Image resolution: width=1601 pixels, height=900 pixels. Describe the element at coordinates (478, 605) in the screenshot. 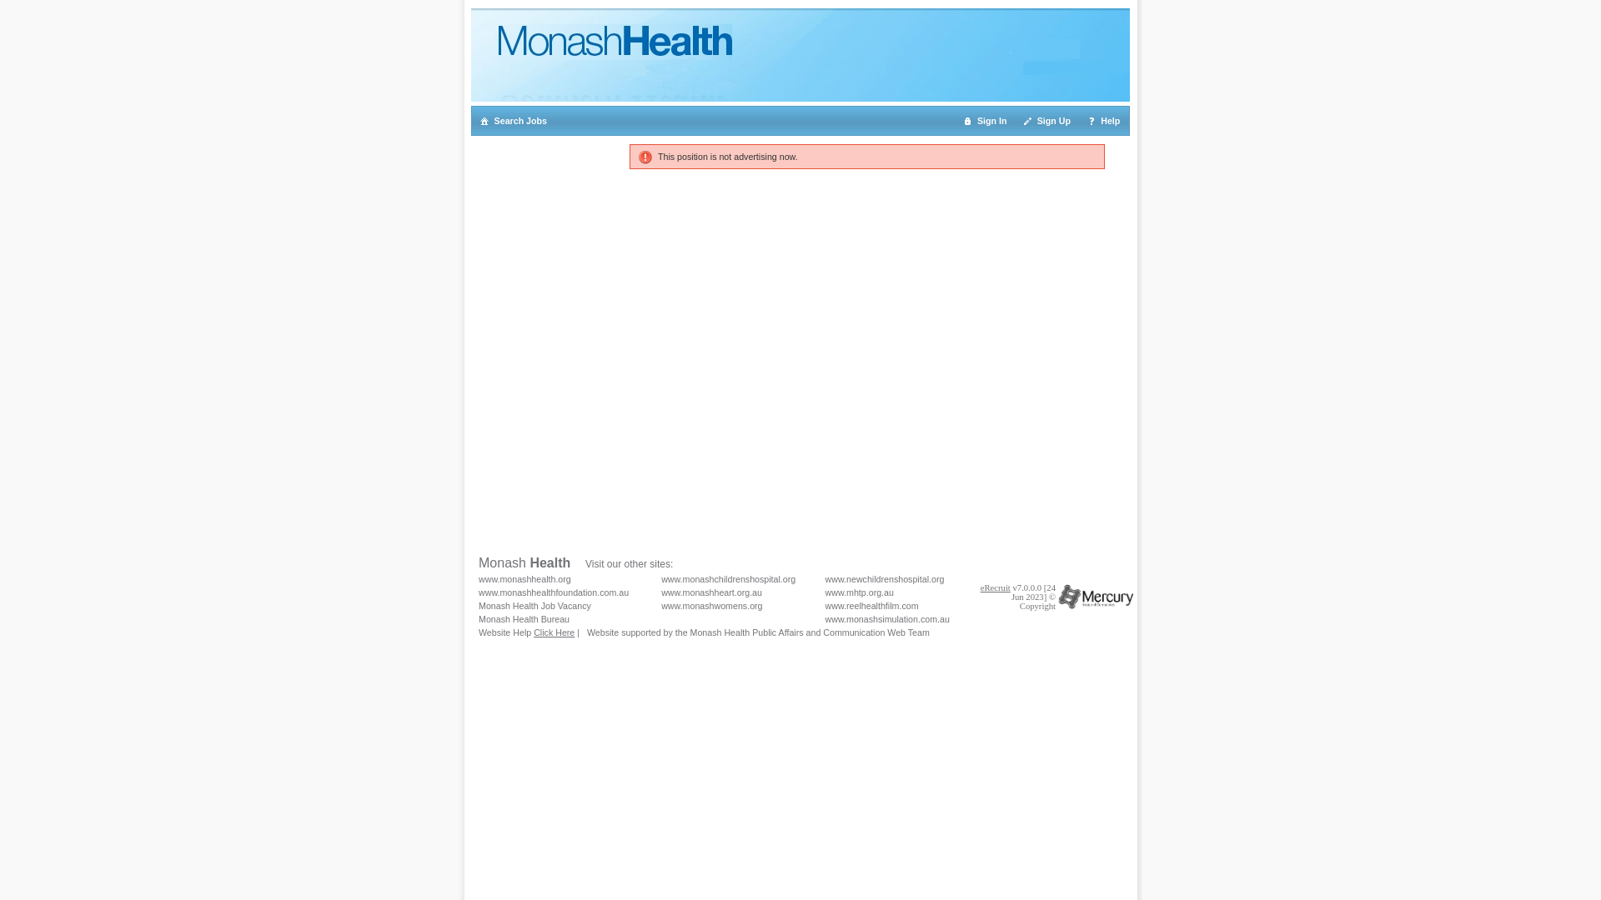

I see `'Monash Health Job Vacancy'` at that location.